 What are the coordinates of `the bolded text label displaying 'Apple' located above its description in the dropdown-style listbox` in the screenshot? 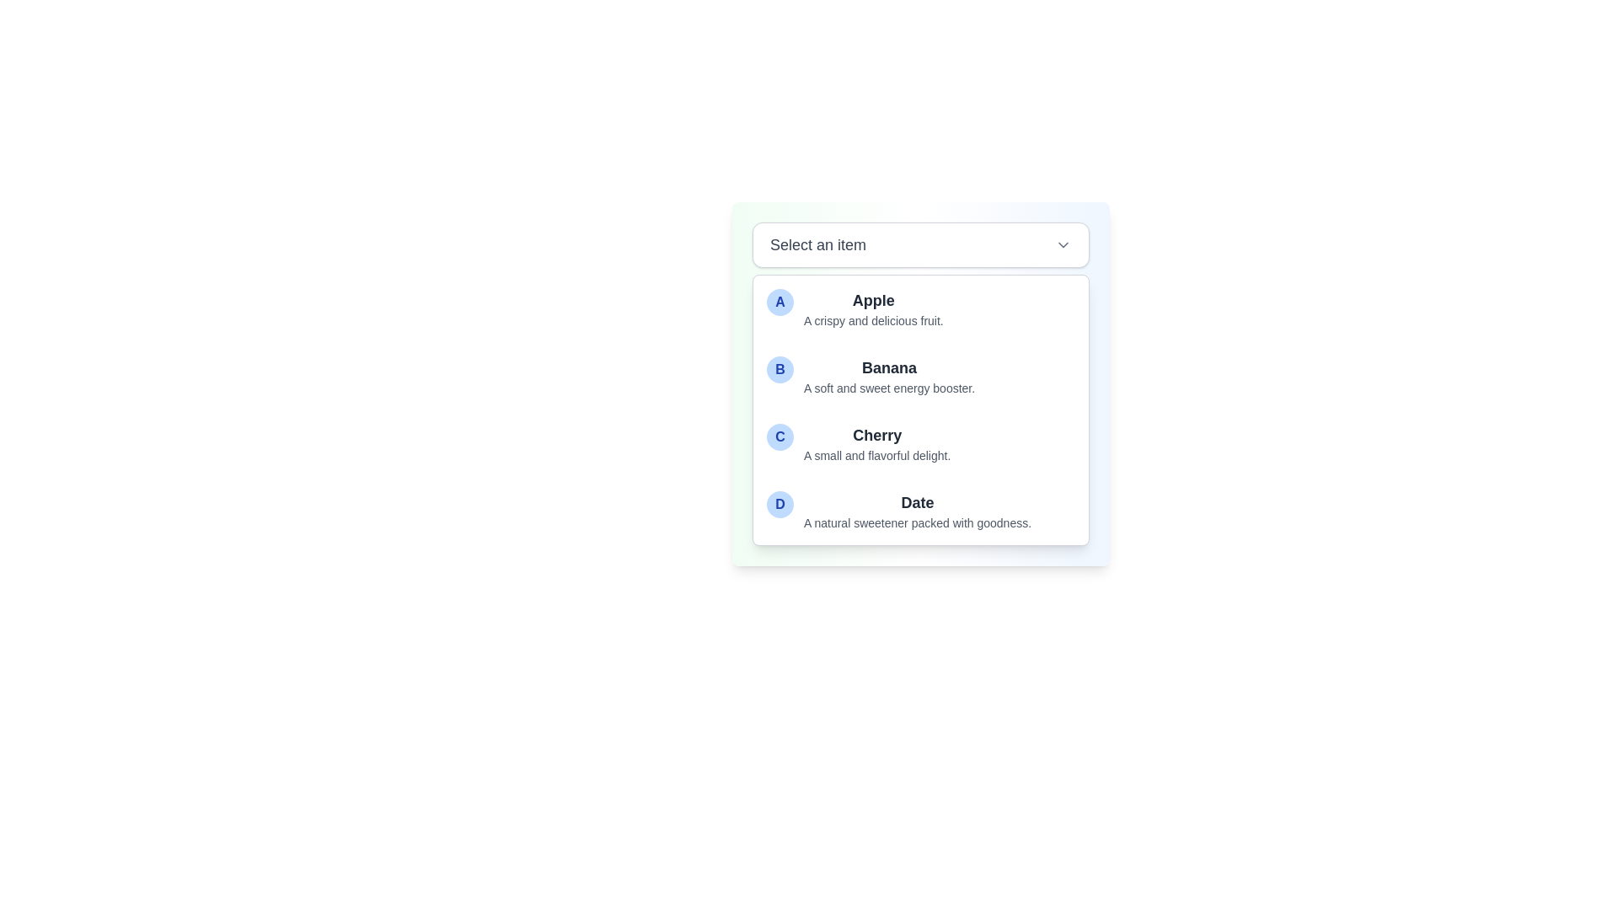 It's located at (873, 300).